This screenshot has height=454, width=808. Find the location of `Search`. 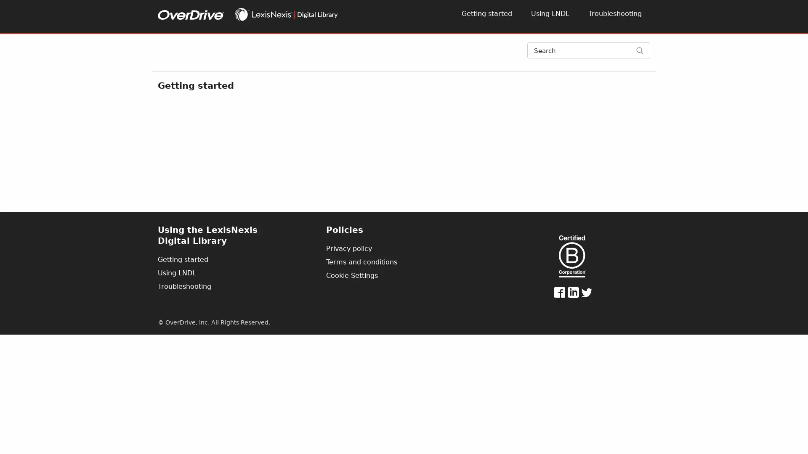

Search is located at coordinates (643, 50).